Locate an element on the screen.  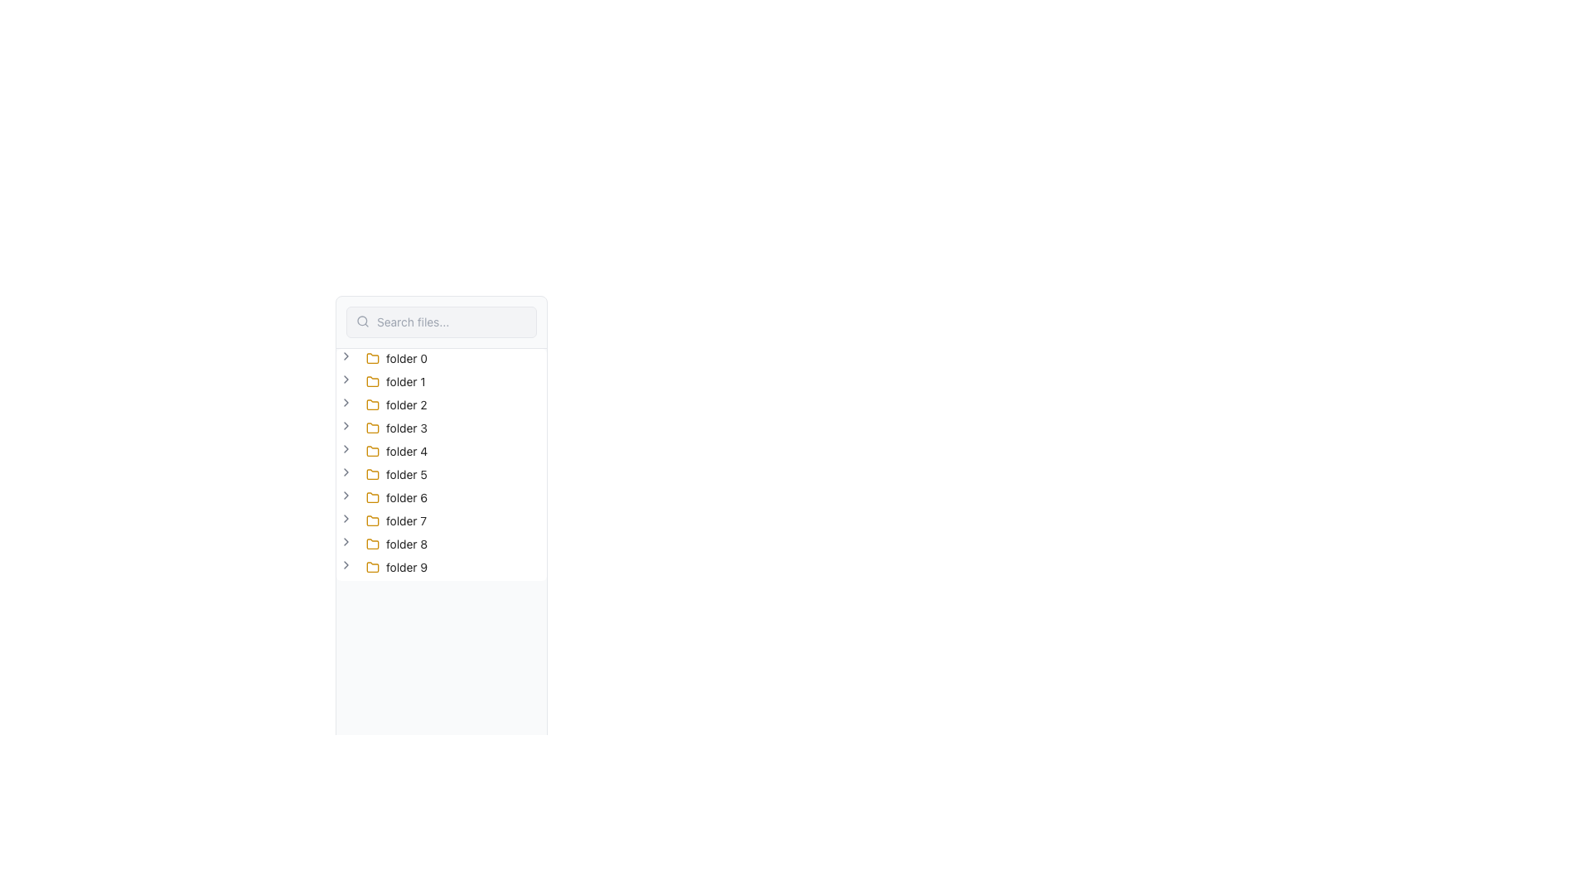
the toggle button for 'folder 8' is located at coordinates (345, 544).